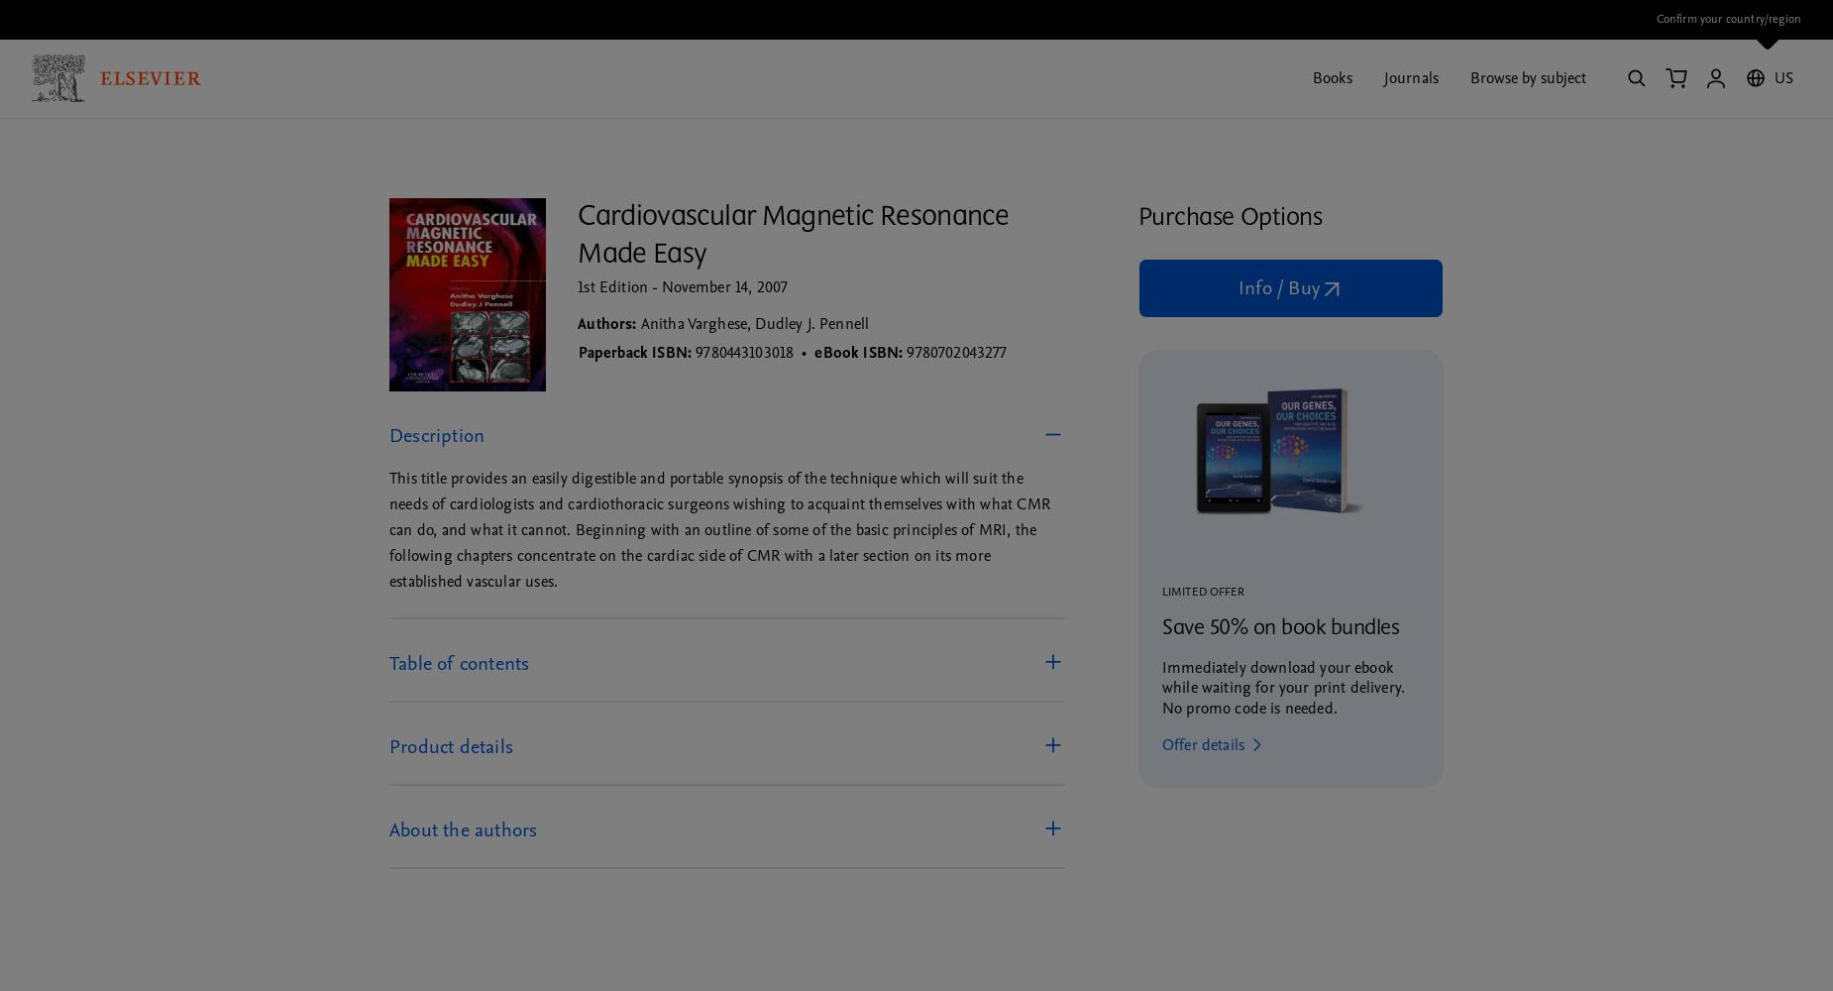  Describe the element at coordinates (623, 287) in the screenshot. I see `'Edition'` at that location.